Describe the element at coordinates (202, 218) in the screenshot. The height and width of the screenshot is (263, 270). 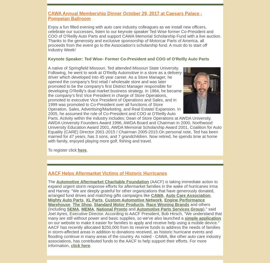
I see `'simple application'` at that location.